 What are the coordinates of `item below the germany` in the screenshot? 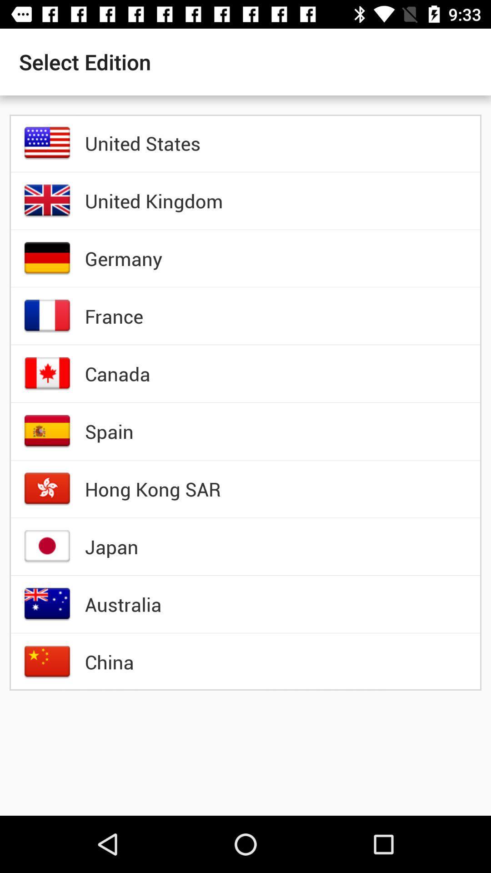 It's located at (113, 316).